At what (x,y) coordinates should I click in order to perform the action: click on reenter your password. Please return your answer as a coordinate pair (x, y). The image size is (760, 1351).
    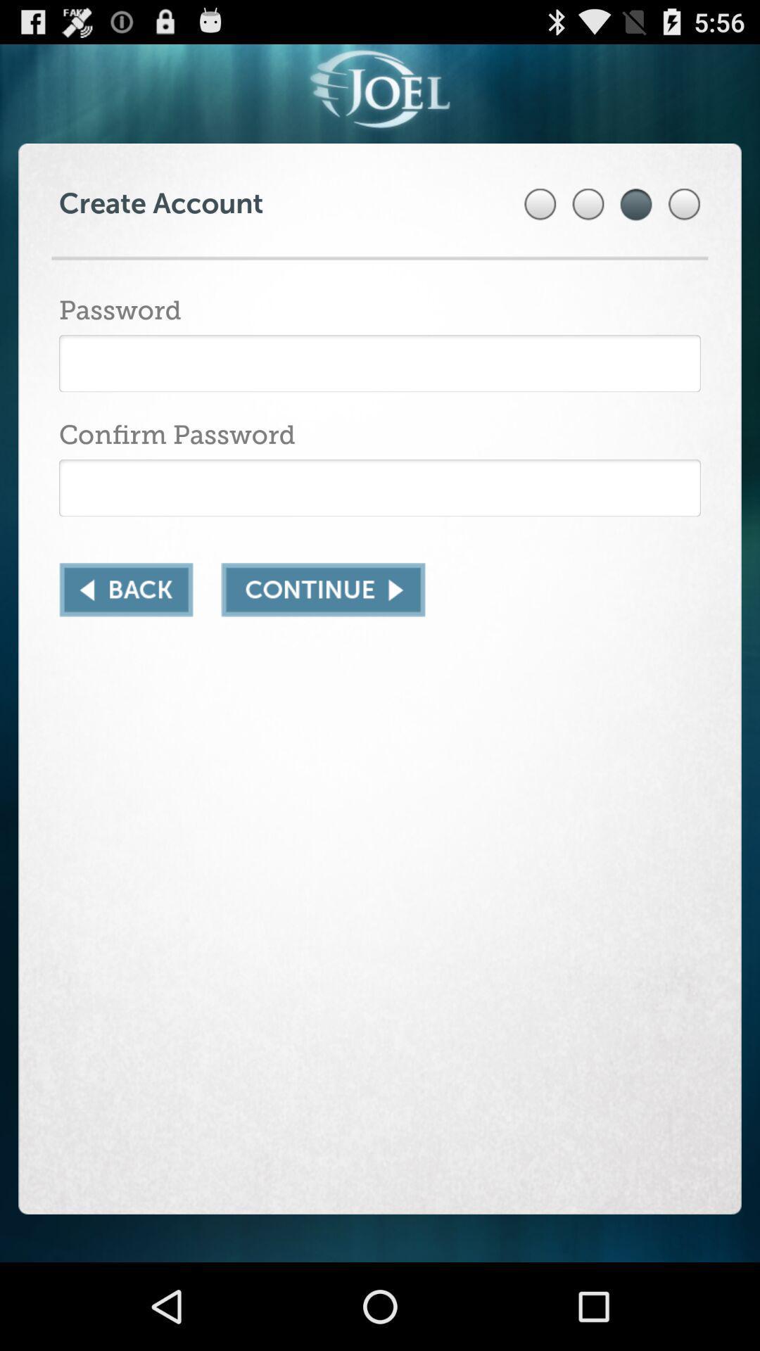
    Looking at the image, I should click on (380, 488).